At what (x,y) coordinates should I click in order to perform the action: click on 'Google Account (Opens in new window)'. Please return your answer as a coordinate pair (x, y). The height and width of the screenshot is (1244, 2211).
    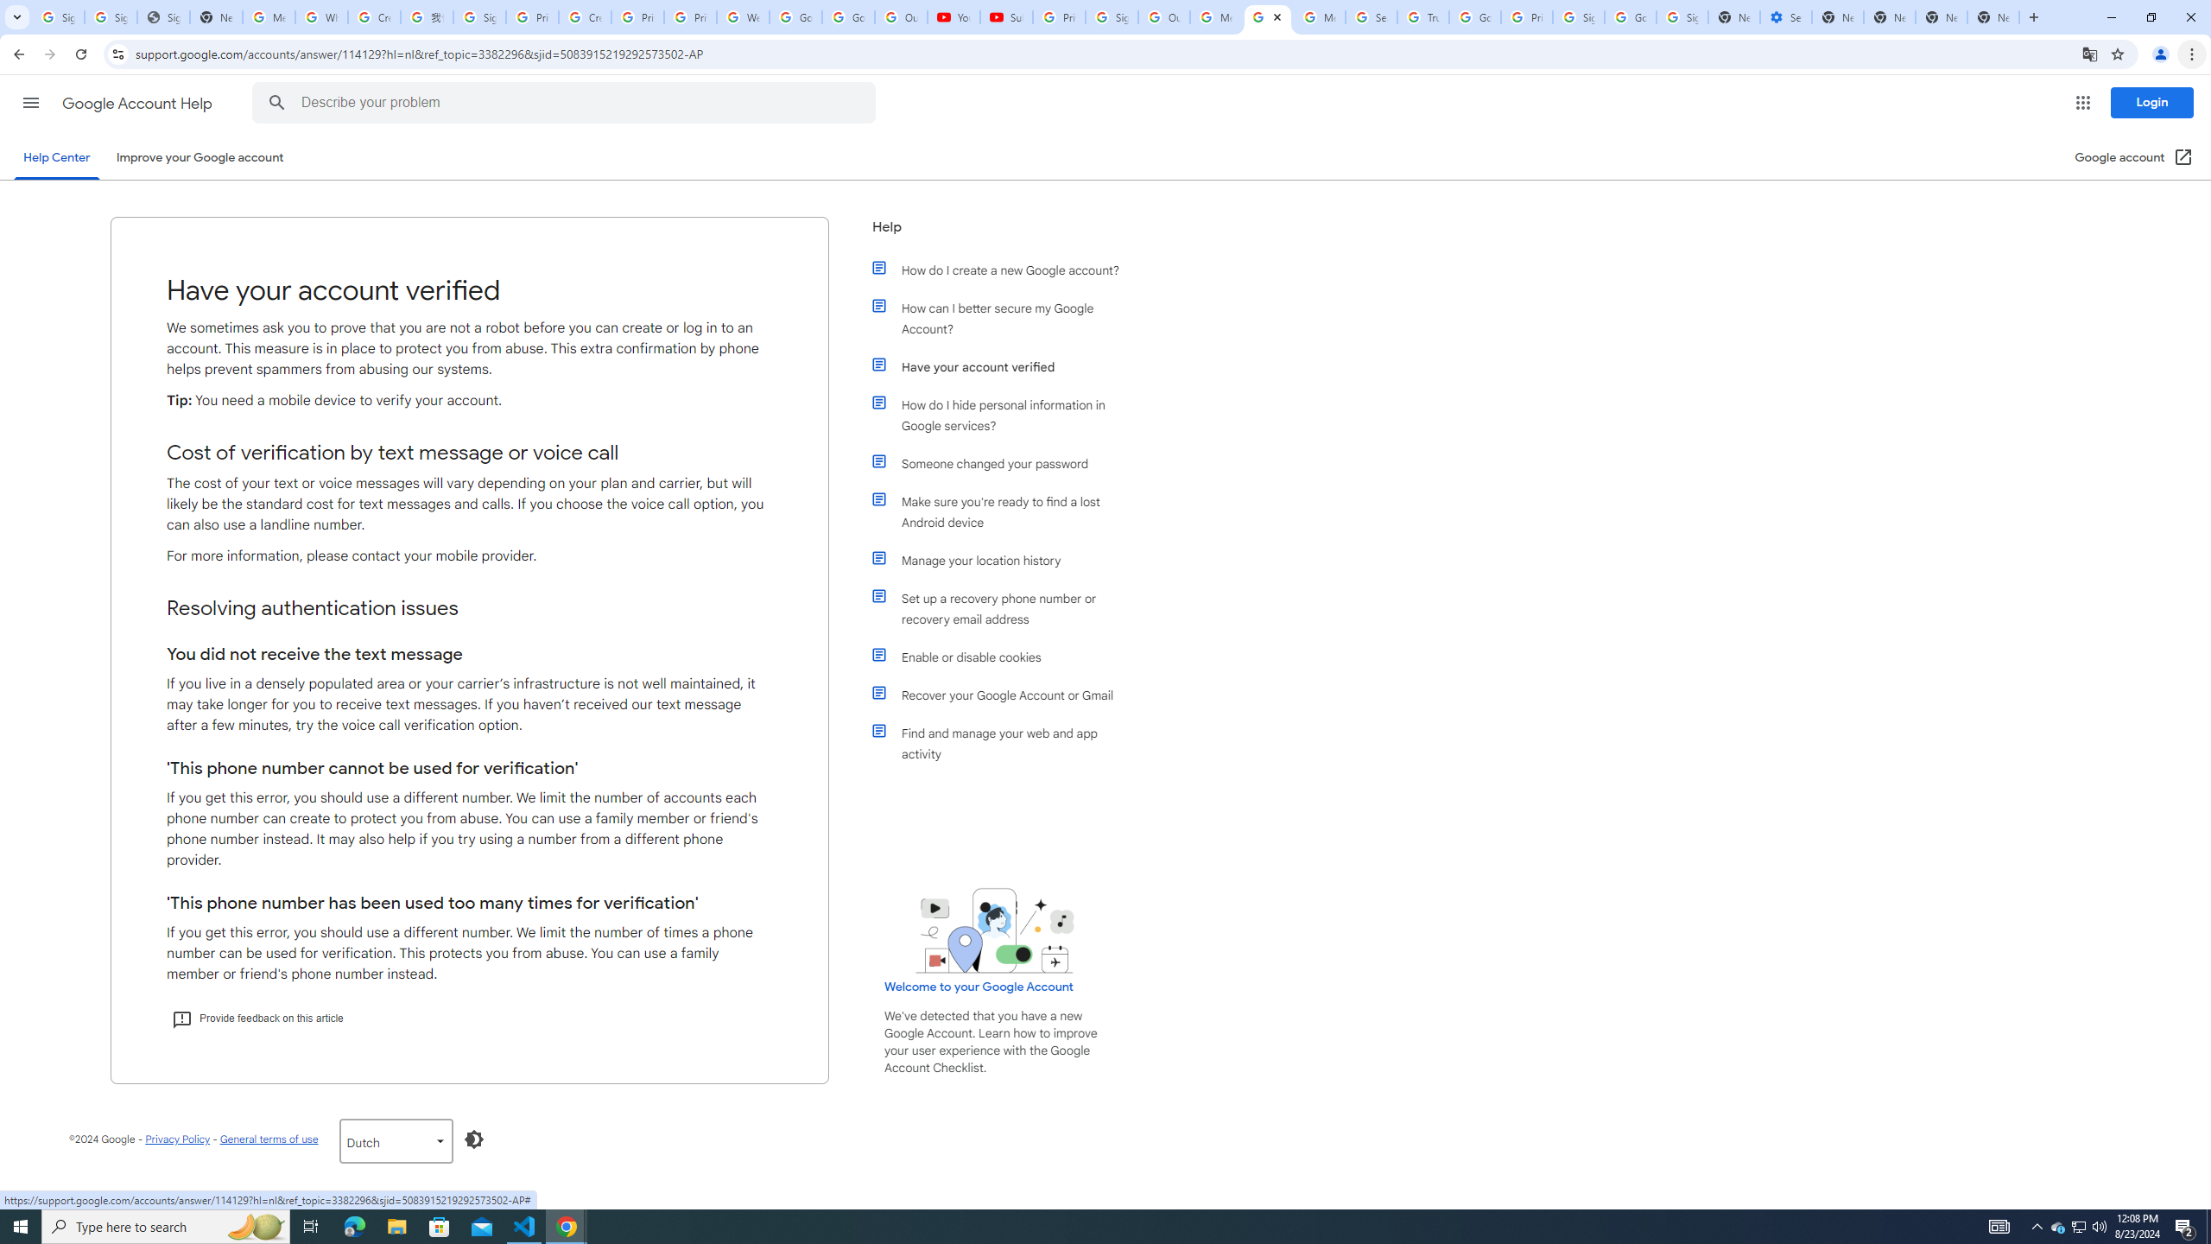
    Looking at the image, I should click on (2133, 156).